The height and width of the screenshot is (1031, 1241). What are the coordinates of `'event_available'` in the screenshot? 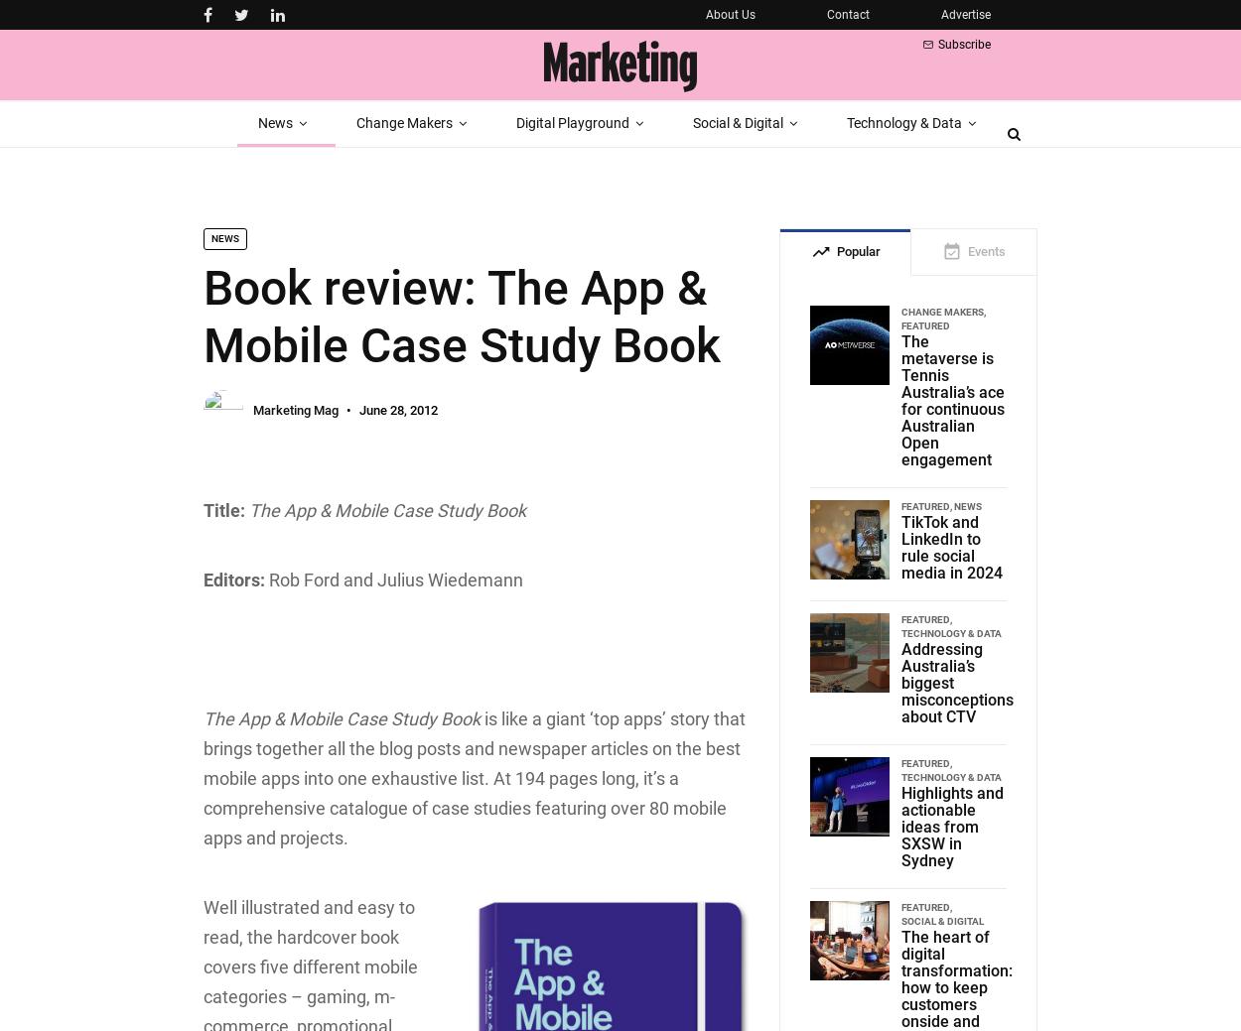 It's located at (941, 252).